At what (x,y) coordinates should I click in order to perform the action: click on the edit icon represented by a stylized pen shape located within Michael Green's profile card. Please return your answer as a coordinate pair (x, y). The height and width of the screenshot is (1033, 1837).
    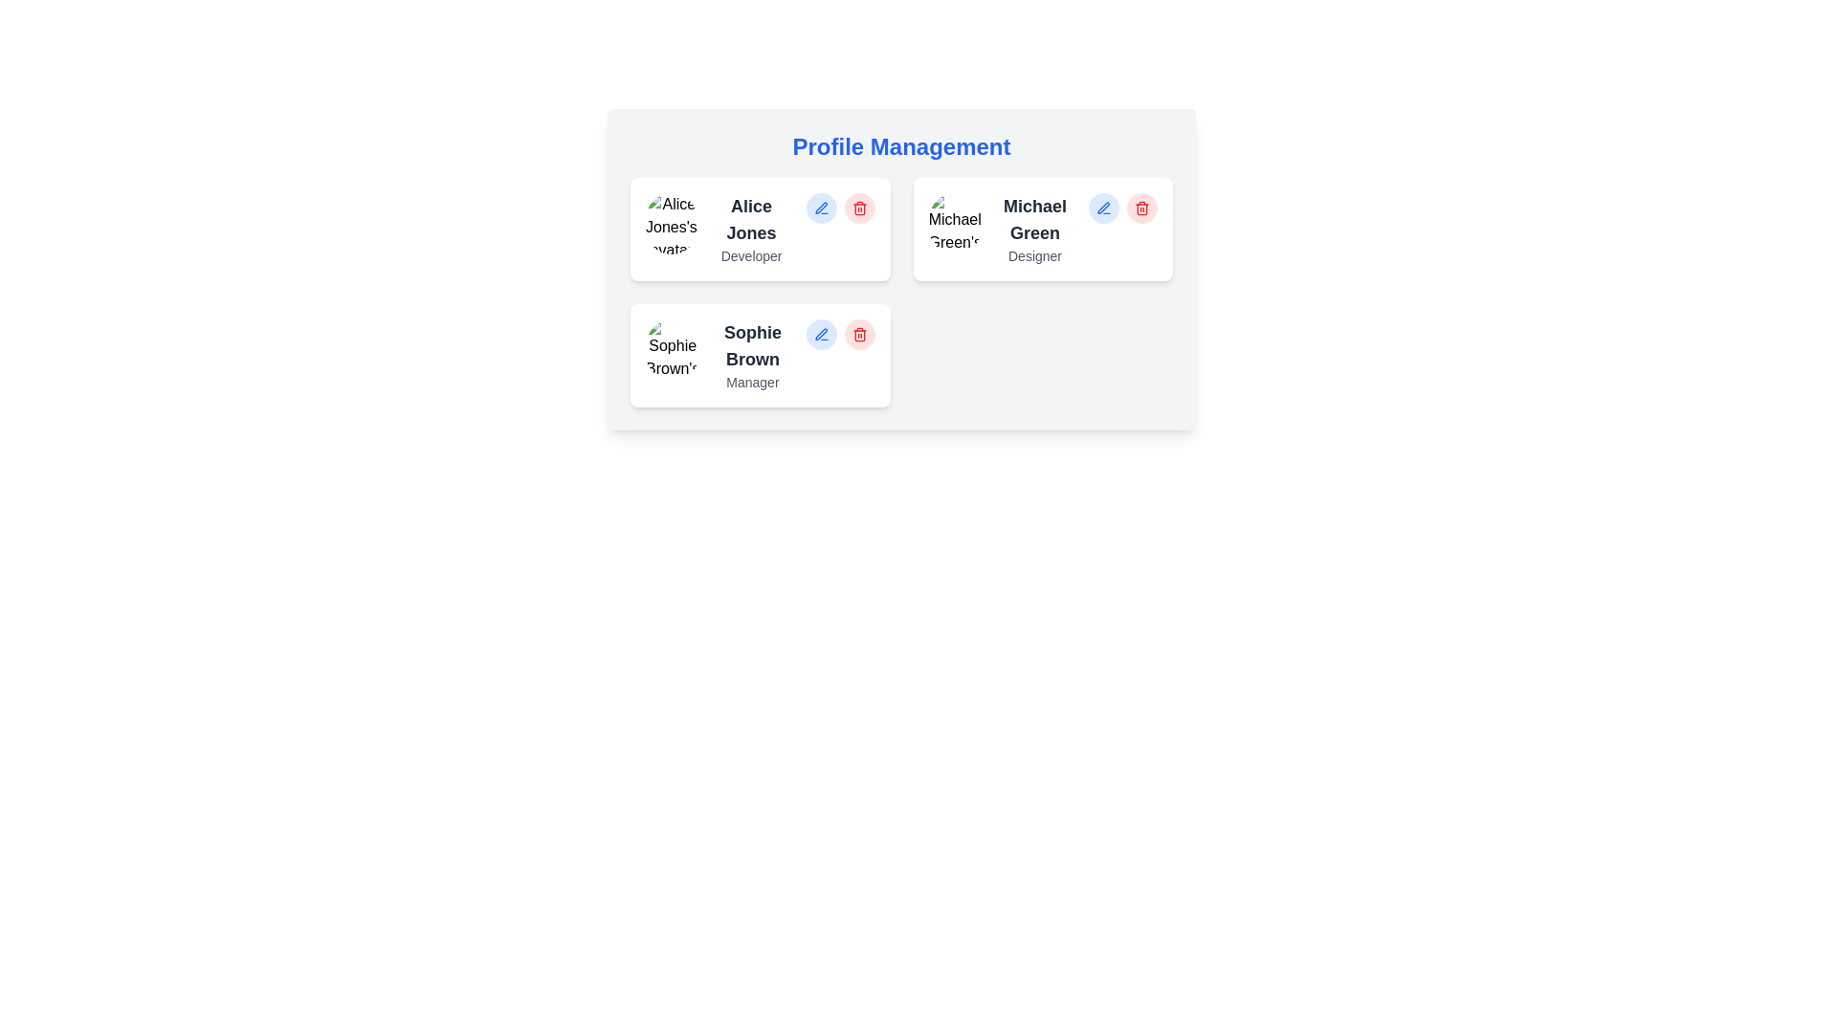
    Looking at the image, I should click on (1103, 208).